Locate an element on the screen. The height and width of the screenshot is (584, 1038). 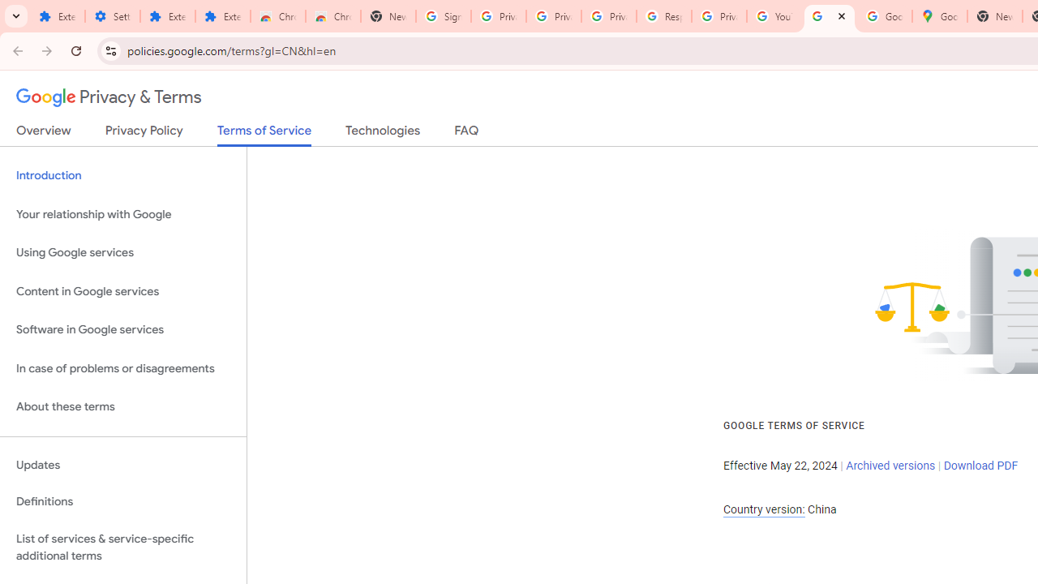
'Your relationship with Google' is located at coordinates (122, 213).